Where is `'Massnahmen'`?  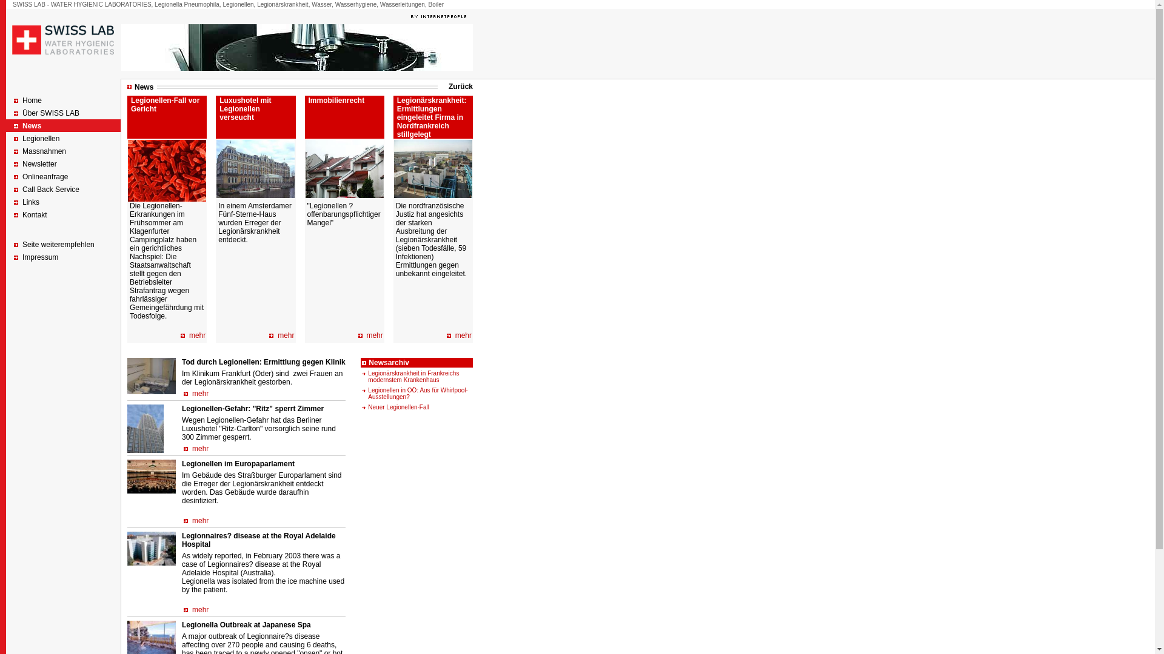
'Massnahmen' is located at coordinates (44, 151).